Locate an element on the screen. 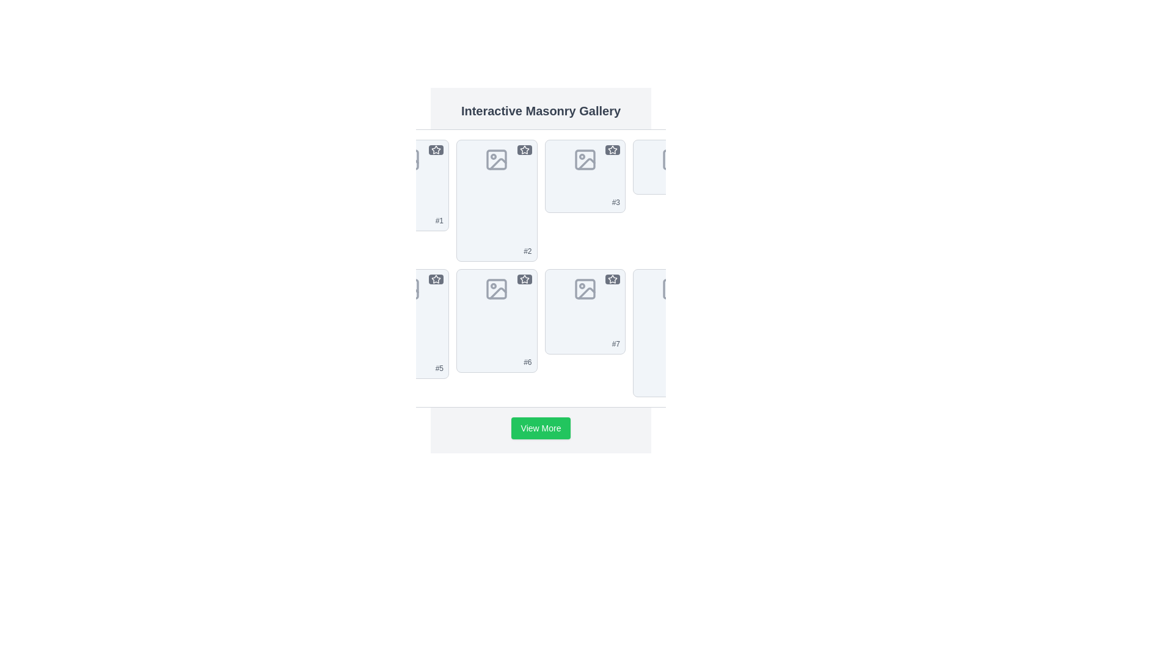 The height and width of the screenshot is (659, 1173). the icon button or indicator in the upper-left corner of the grid layout under 'Interactive Masonry Gallery' which marks the associated grid item for special attention is located at coordinates (436, 149).